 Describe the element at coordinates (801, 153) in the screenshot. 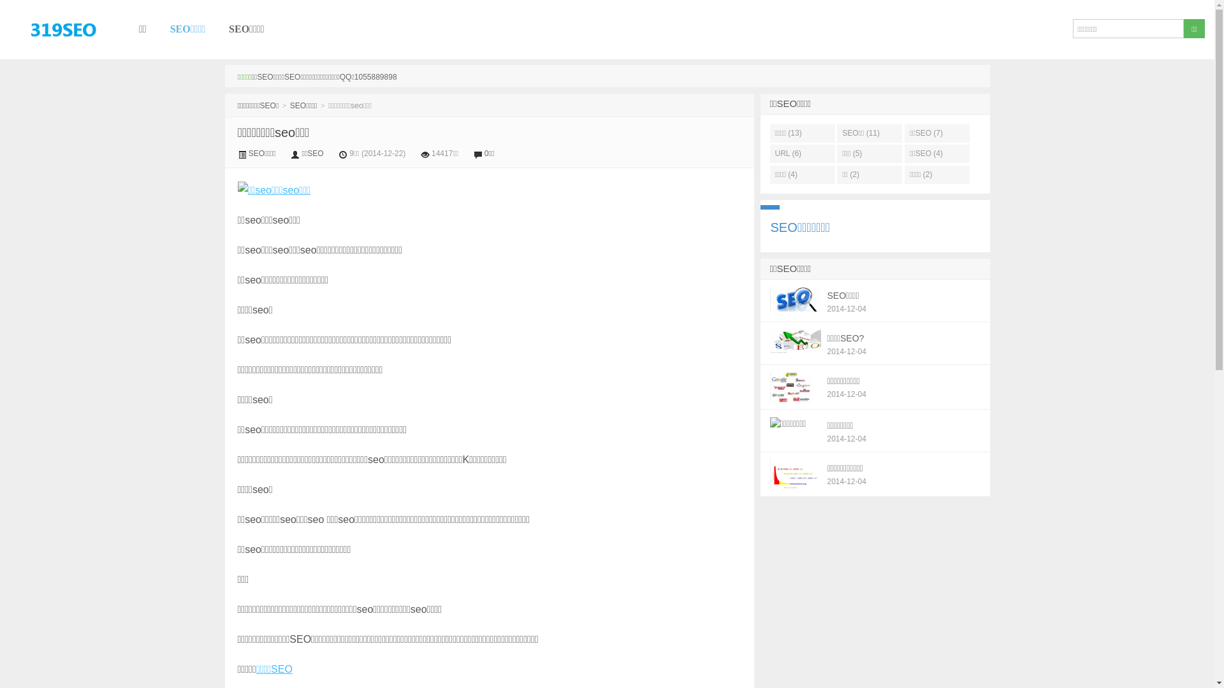

I see `'URL (6)'` at that location.